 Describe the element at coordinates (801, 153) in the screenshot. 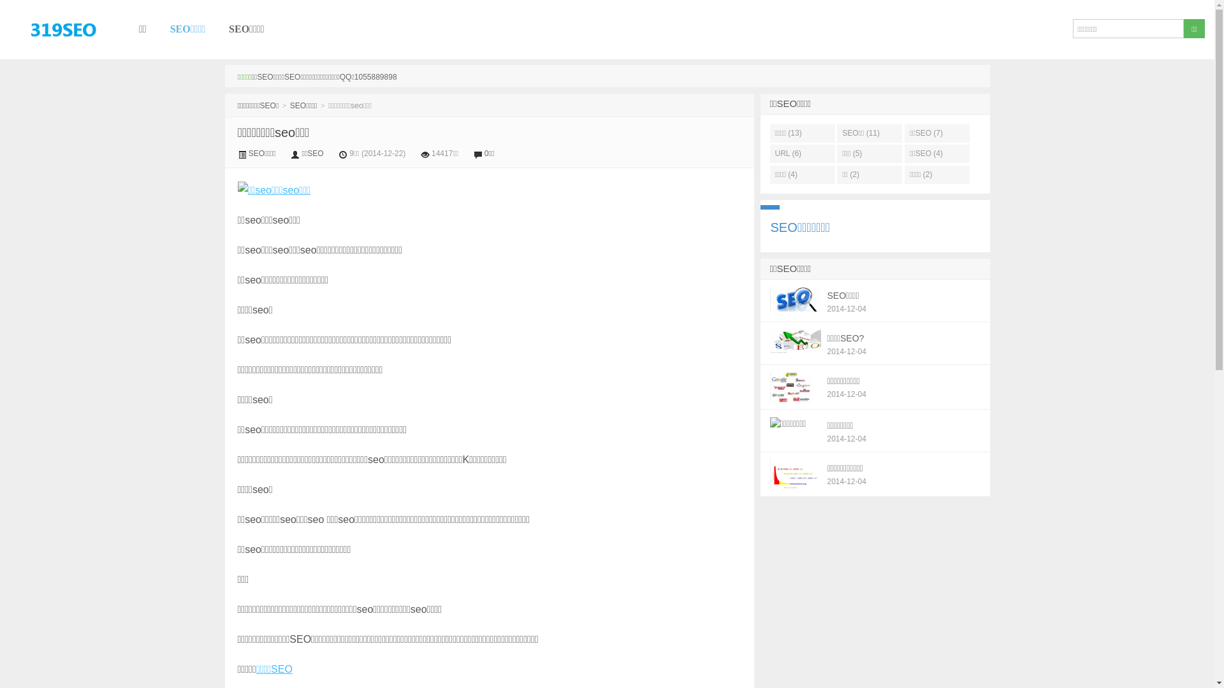

I see `'URL (6)'` at that location.